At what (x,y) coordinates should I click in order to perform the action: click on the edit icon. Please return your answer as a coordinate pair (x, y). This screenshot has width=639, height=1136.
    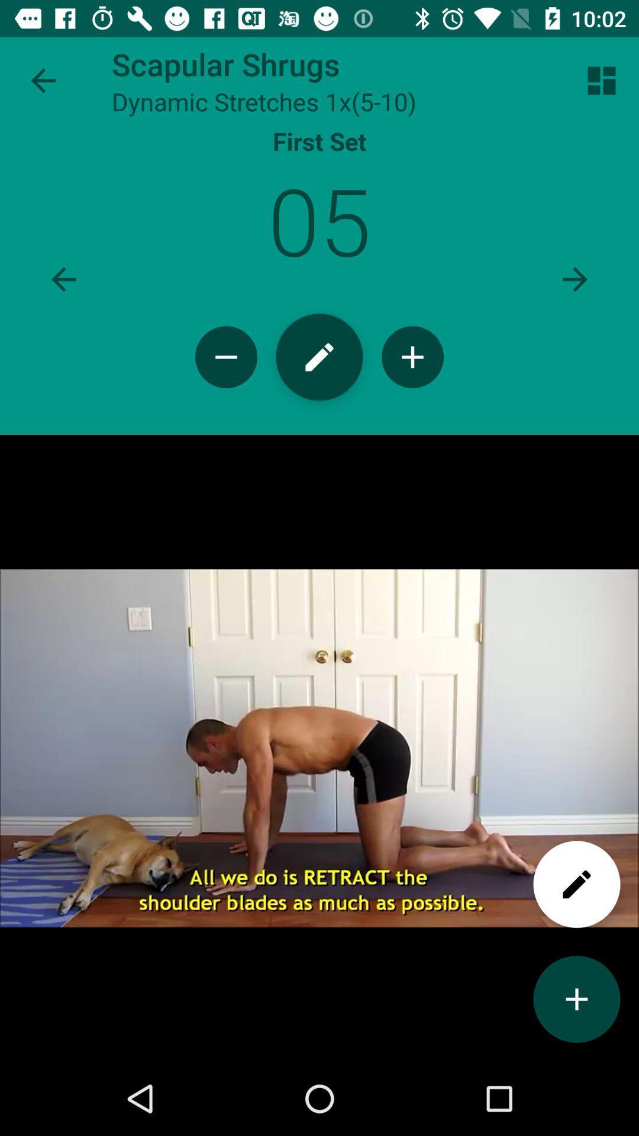
    Looking at the image, I should click on (319, 382).